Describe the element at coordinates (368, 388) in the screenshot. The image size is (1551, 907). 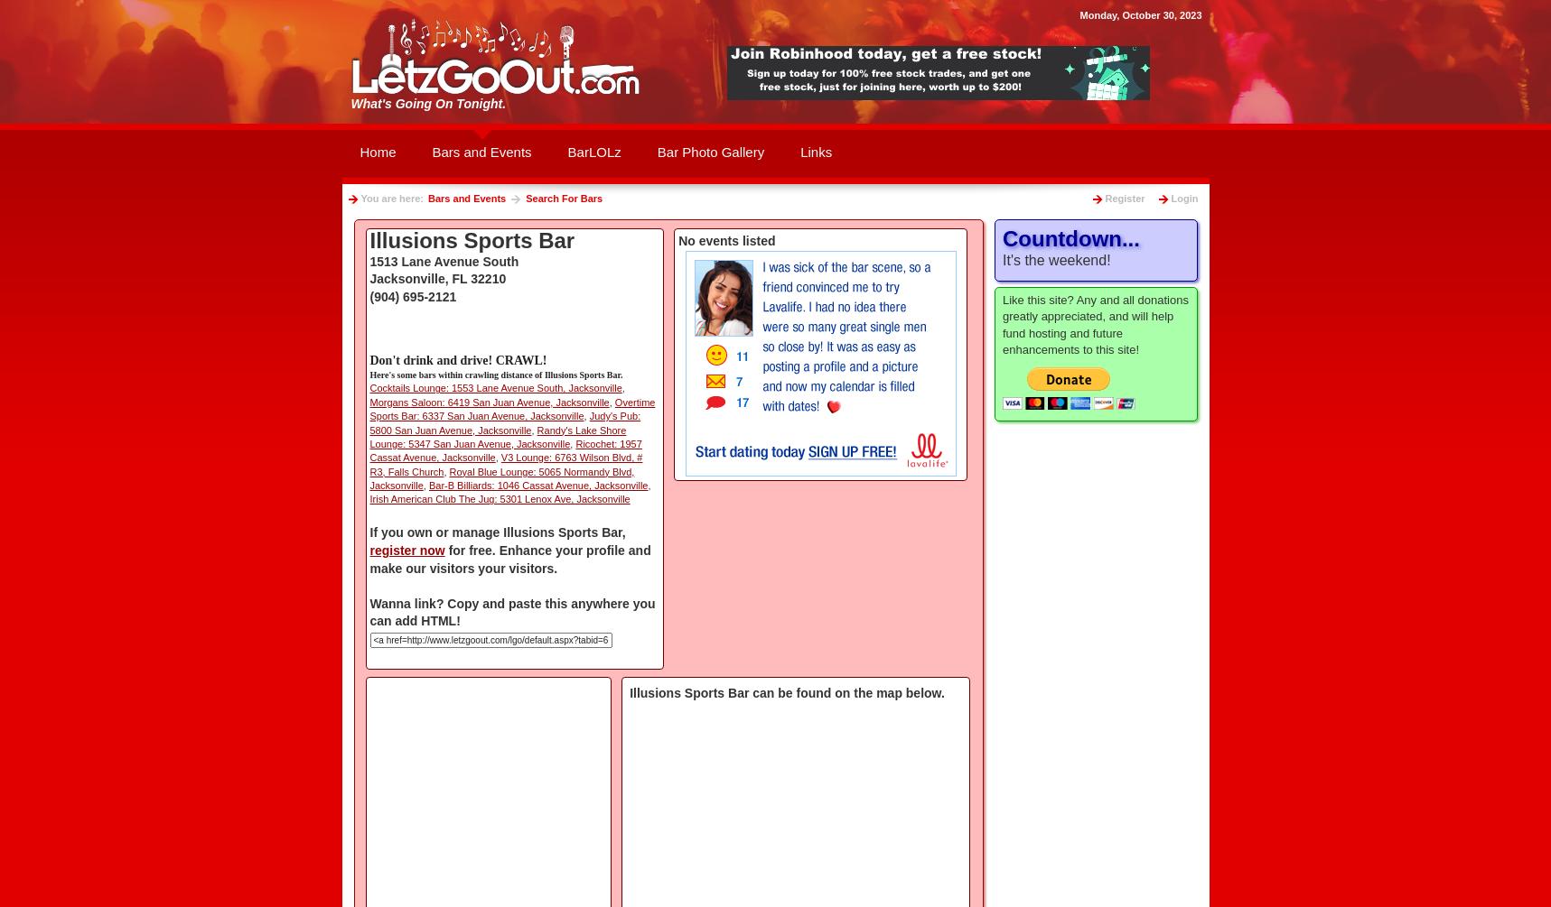
I see `'Cocktails Lounge: 1553 Lane Avenue South, Jacksonville'` at that location.